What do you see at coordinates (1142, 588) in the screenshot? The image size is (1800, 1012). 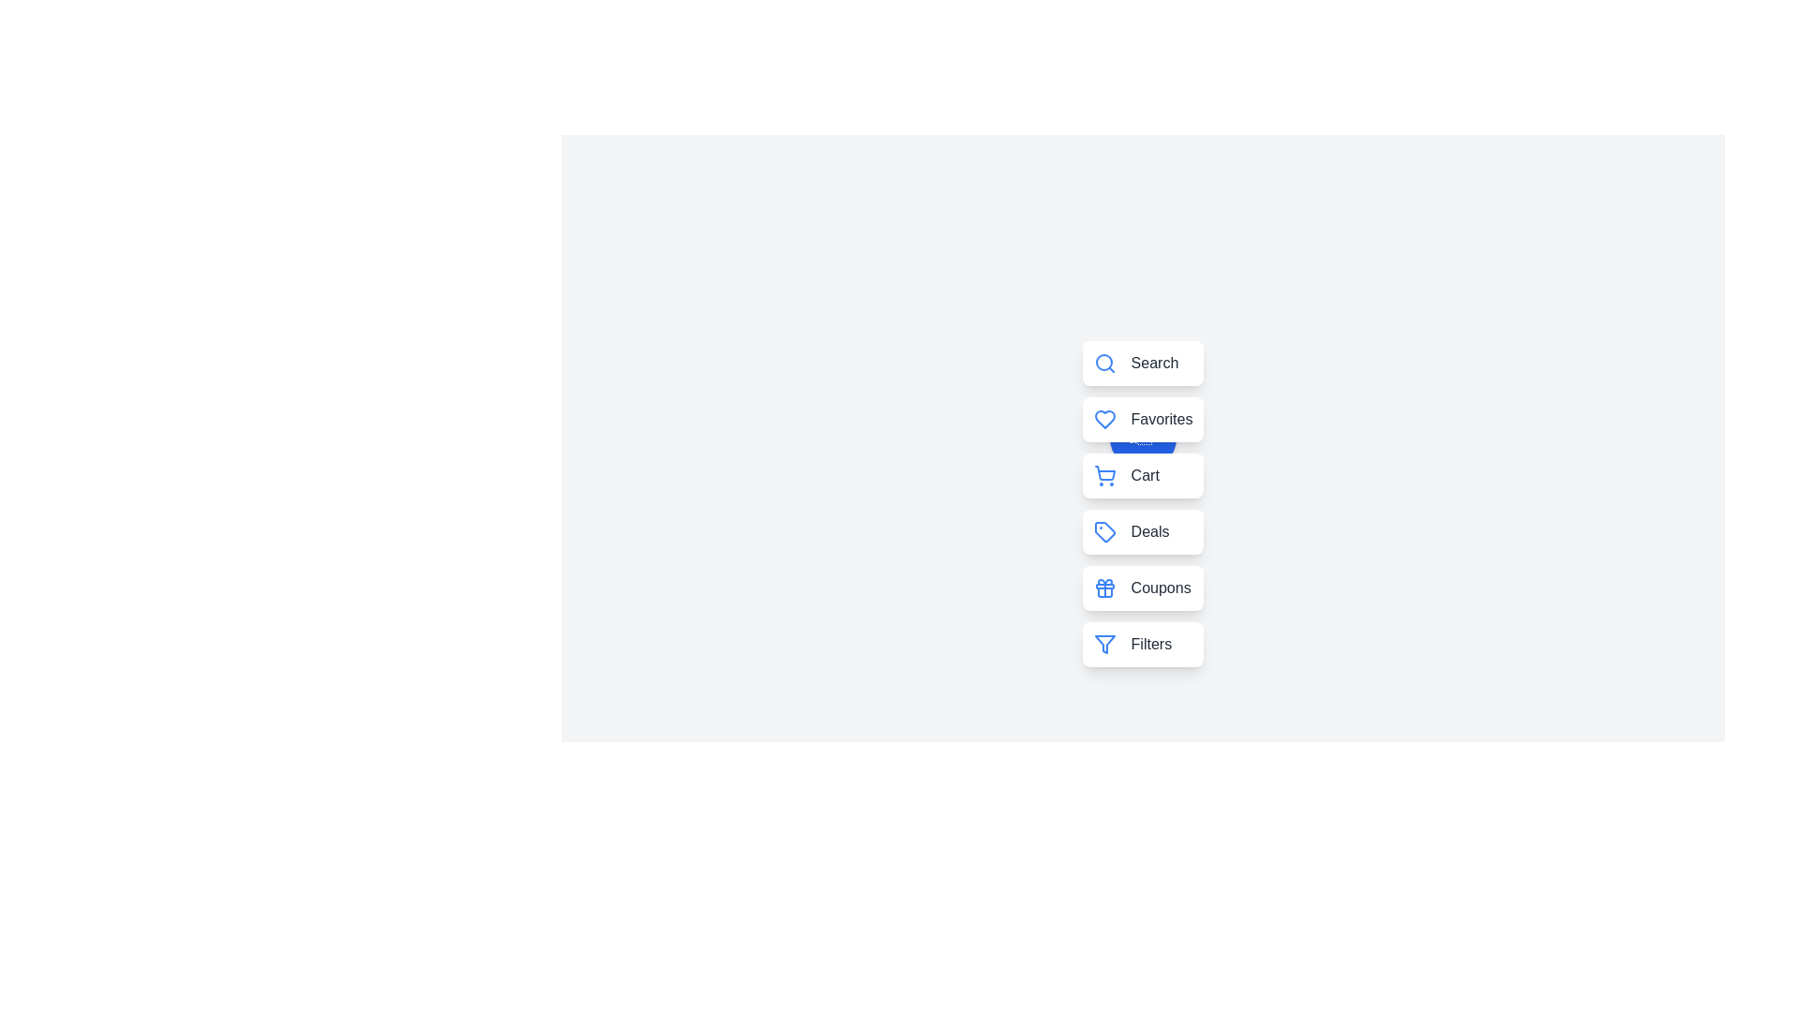 I see `the 'Coupons' button located in the fifth position of a vertical list of six buttons, situated between the 'Deals' and 'Filters' buttons, to observe the hover effect` at bounding box center [1142, 588].